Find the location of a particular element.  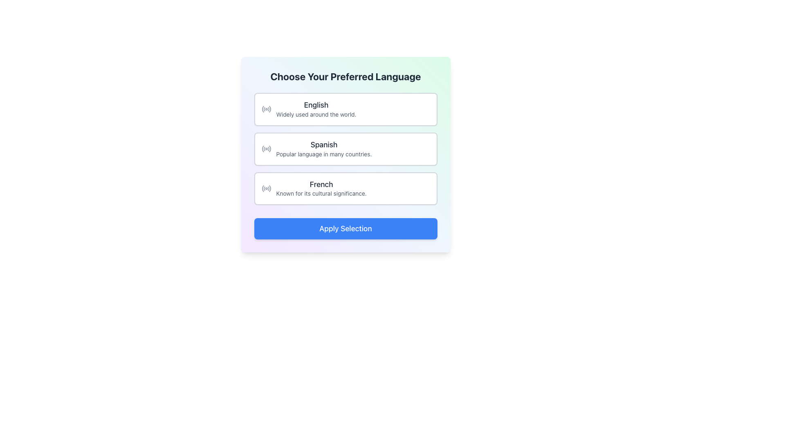

the 'English' language option in the language selection list for keyboard navigation is located at coordinates (308, 109).